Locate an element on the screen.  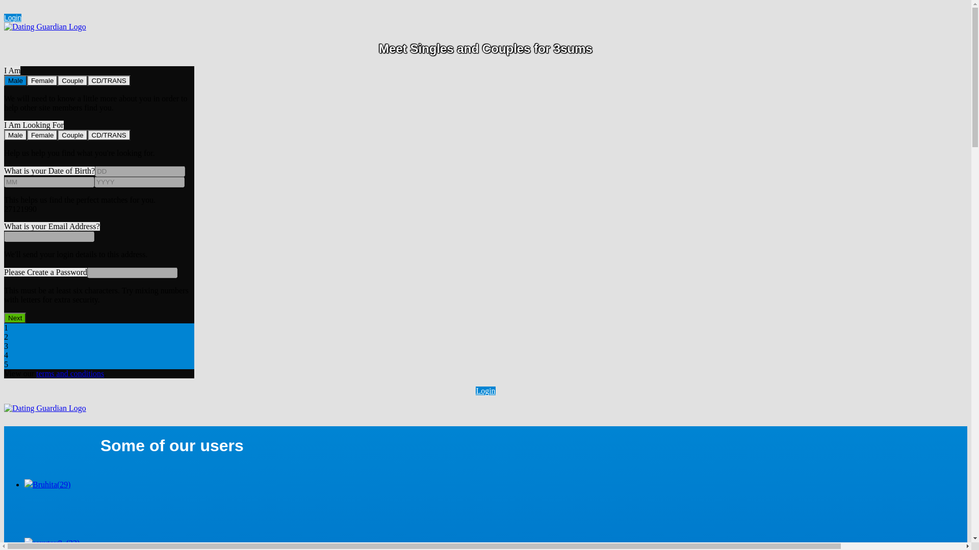
'CD/TRANS' is located at coordinates (109, 80).